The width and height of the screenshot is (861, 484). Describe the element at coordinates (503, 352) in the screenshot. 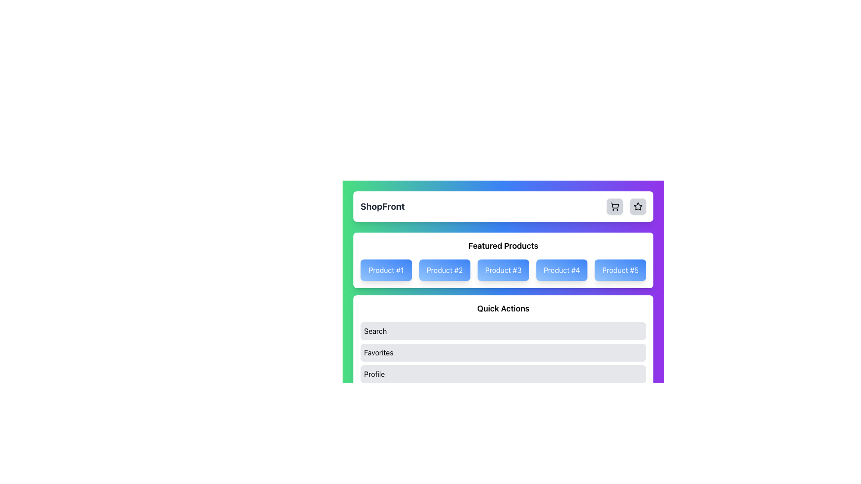

I see `the 'Favorites' button located in the Quick Actions section for keyboard navigation` at that location.